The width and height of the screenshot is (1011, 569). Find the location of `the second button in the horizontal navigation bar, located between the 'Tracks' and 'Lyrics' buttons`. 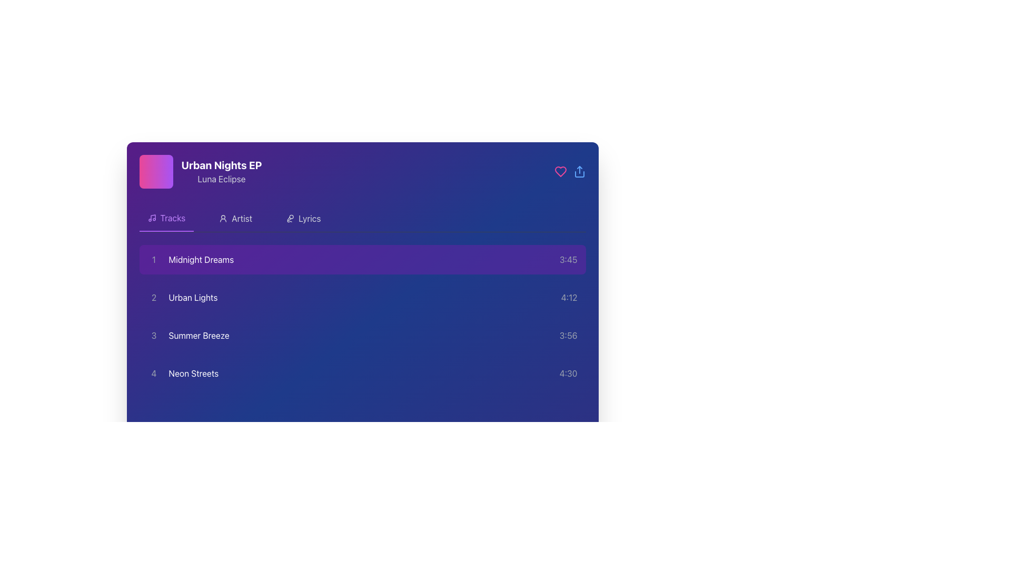

the second button in the horizontal navigation bar, located between the 'Tracks' and 'Lyrics' buttons is located at coordinates (235, 218).